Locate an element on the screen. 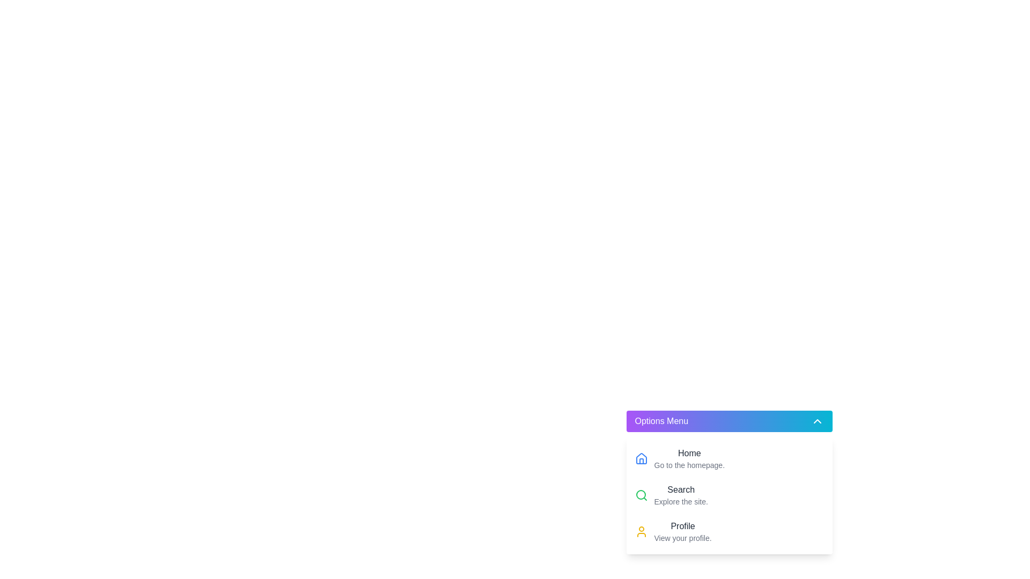 The image size is (1030, 579). the 'Home' text label, which features bold text and a smaller subtitle, located within the 'Options Menu' dropdown near the top of a vertical list is located at coordinates (689, 458).